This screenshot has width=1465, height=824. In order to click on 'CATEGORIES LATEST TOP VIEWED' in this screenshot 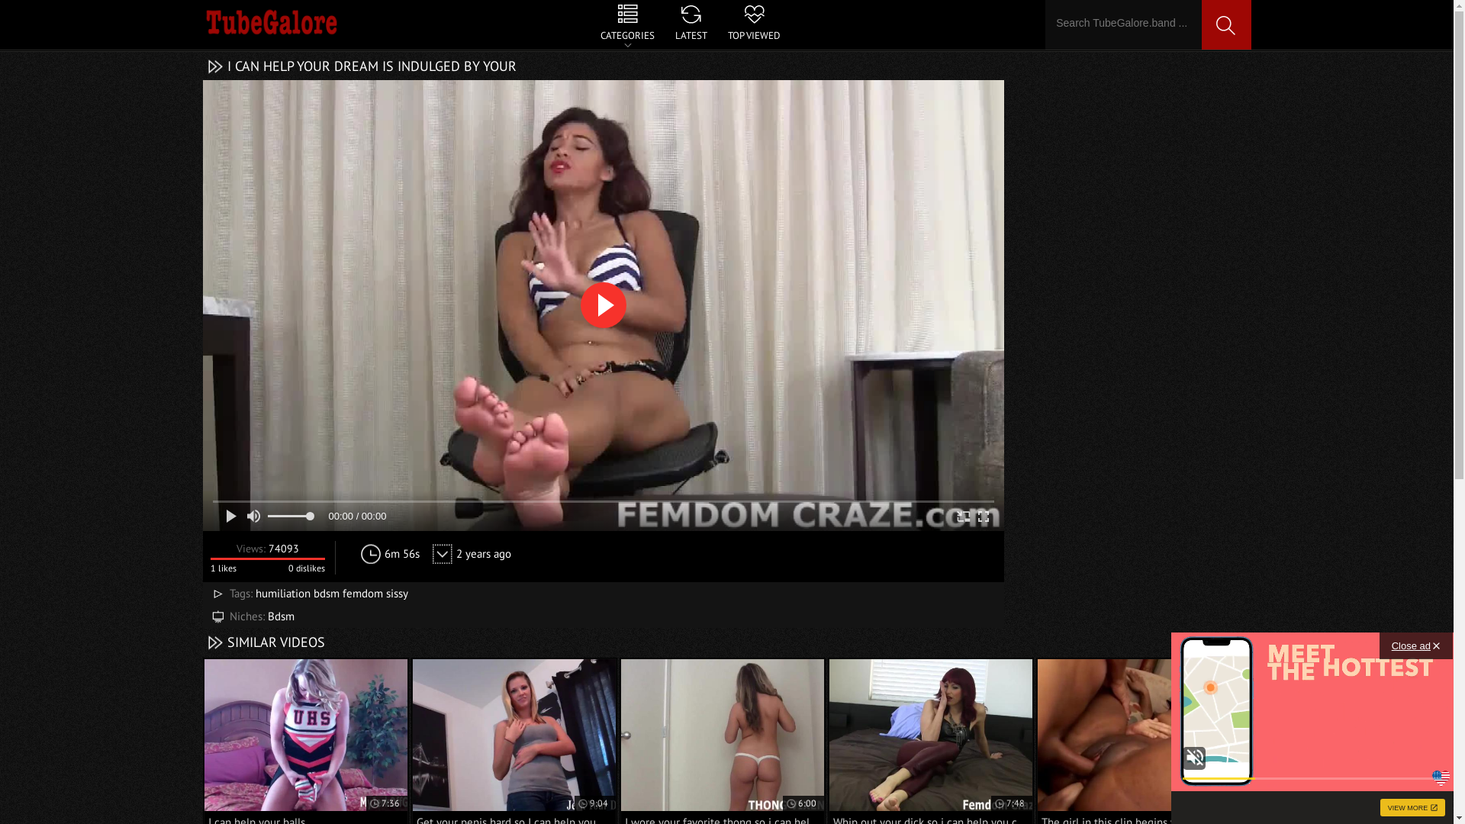, I will do `click(690, 24)`.